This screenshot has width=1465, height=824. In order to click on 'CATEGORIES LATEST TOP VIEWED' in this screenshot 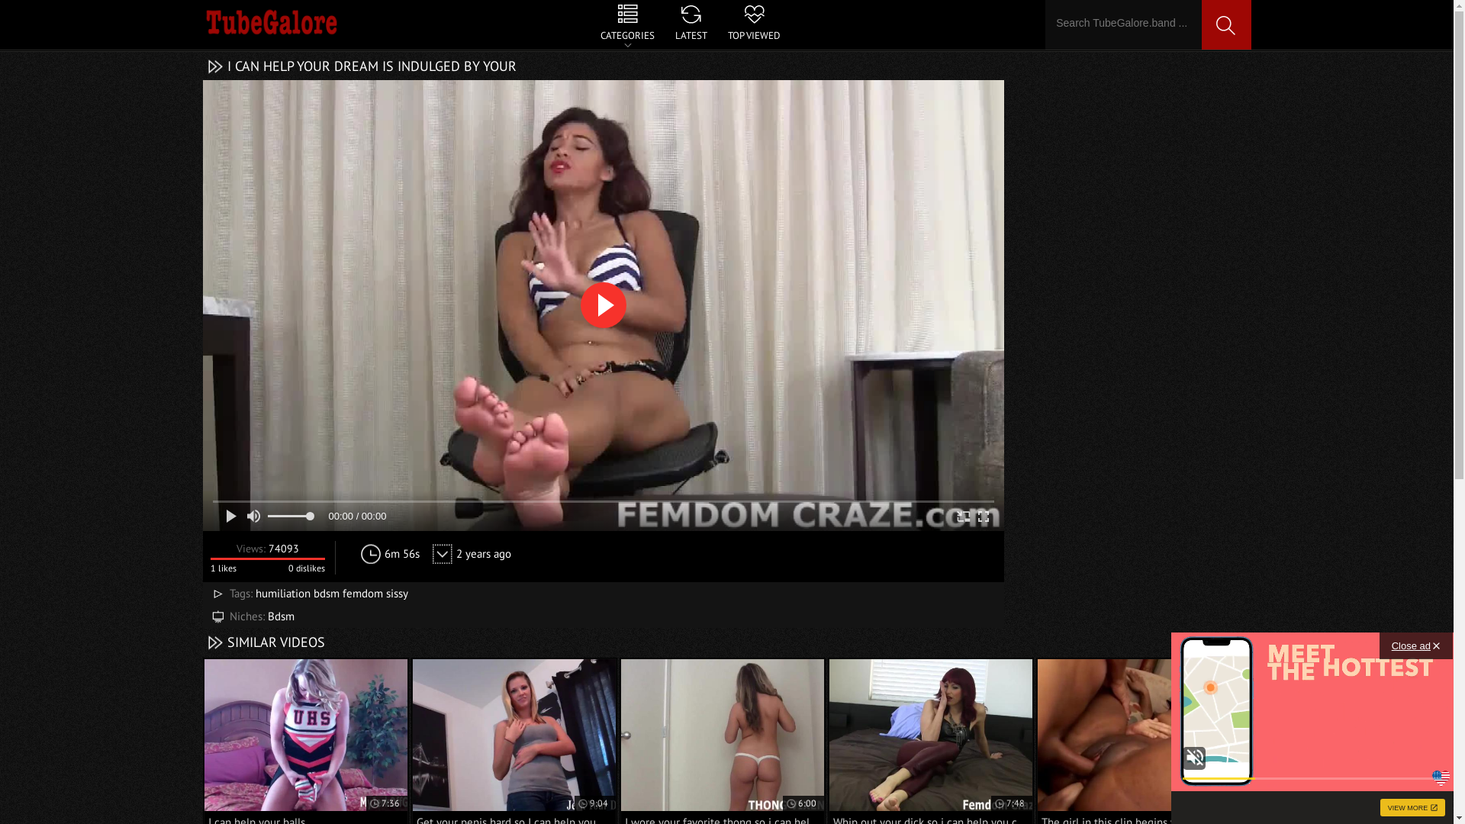, I will do `click(690, 24)`.